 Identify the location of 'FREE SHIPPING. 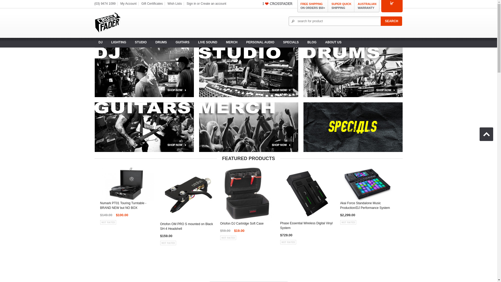
(313, 6).